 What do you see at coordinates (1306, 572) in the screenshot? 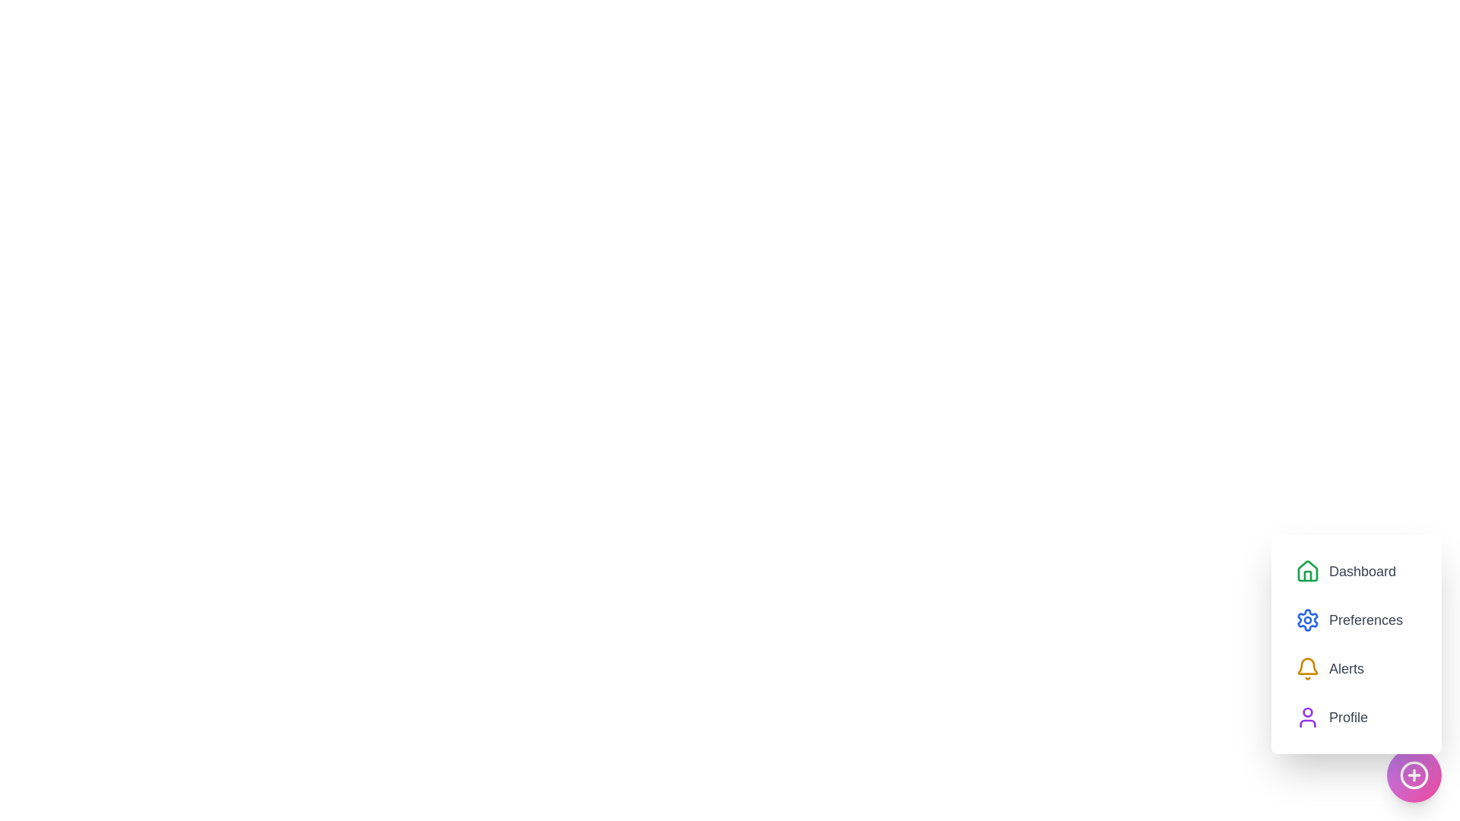
I see `the menu icon corresponding to Dashboard` at bounding box center [1306, 572].